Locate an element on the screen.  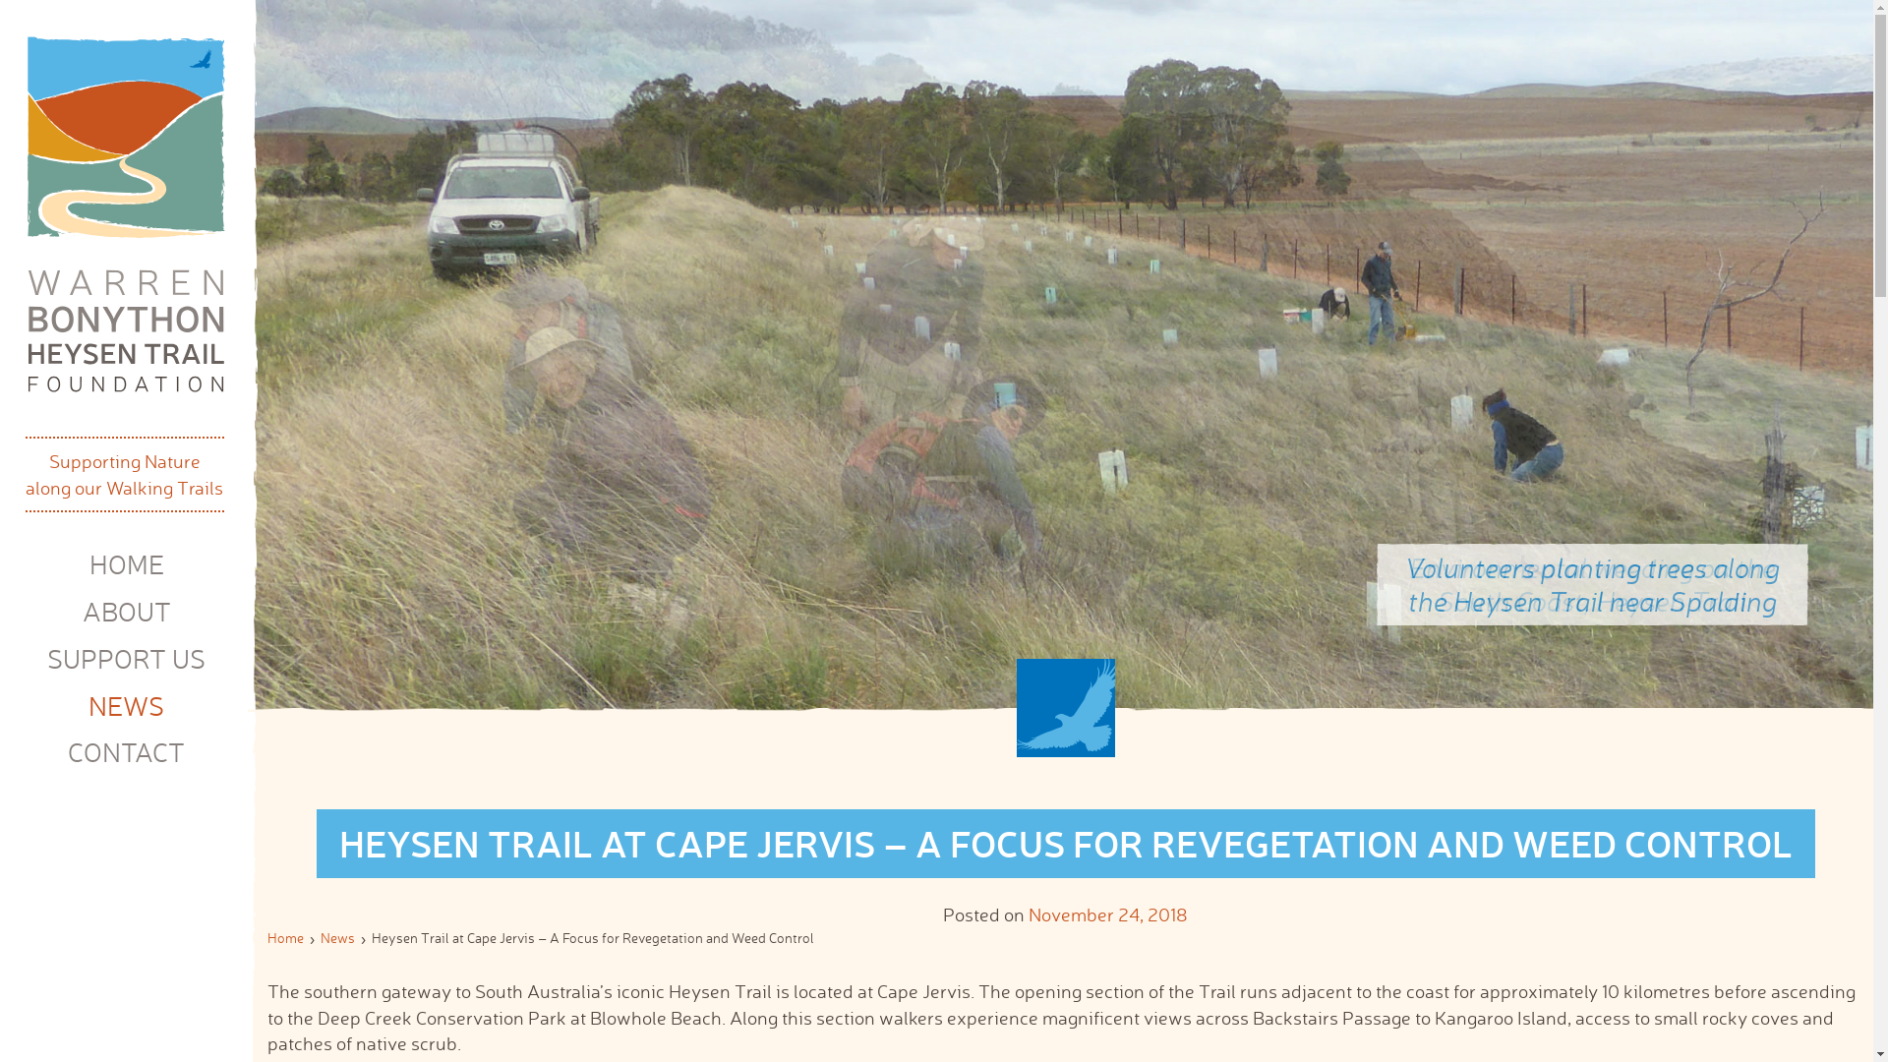
'Home' is located at coordinates (284, 936).